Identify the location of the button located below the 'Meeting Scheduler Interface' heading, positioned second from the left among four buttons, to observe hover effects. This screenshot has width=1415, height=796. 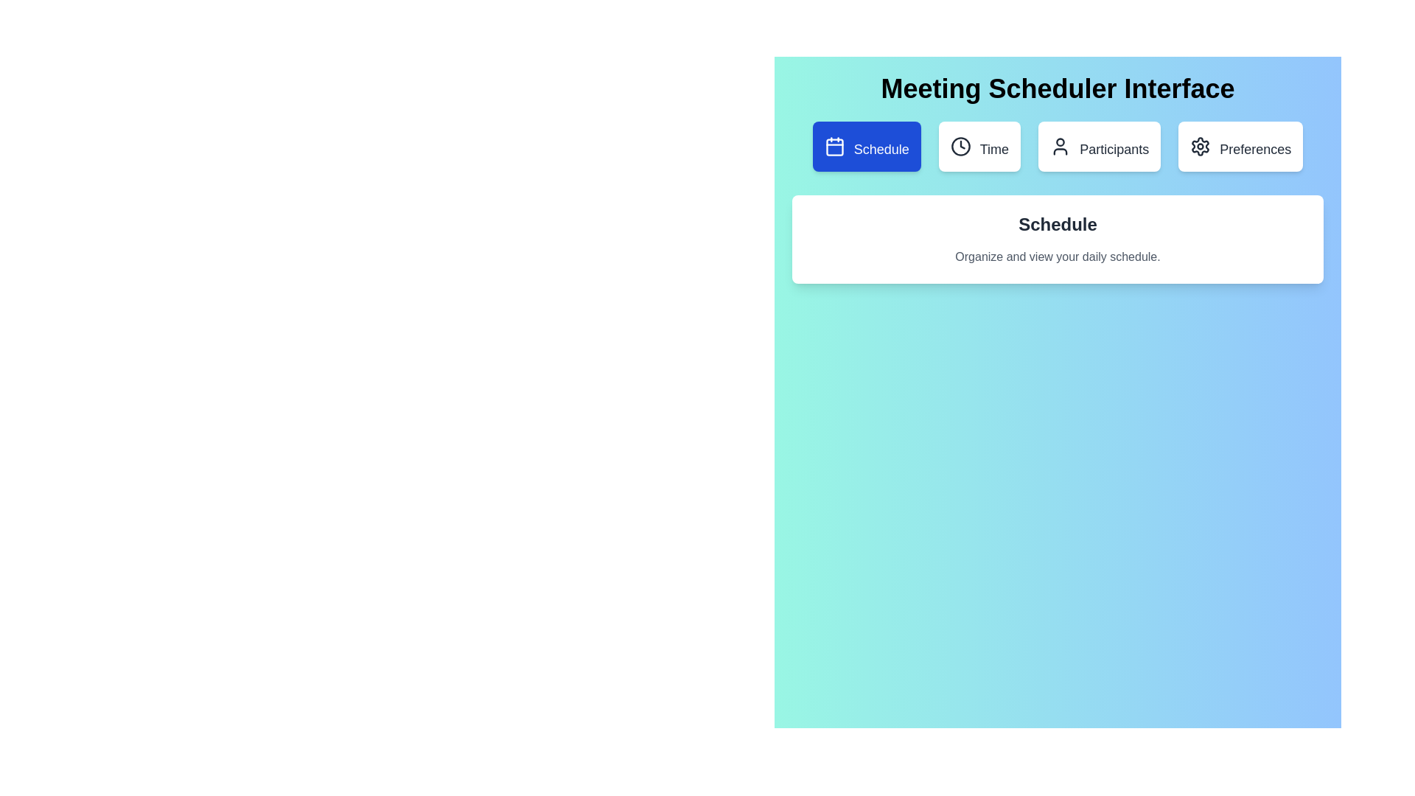
(979, 147).